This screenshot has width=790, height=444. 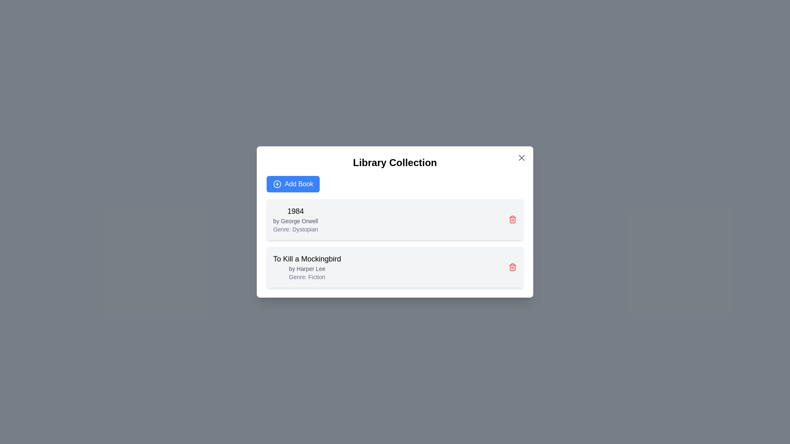 I want to click on the button located at the top-left corner of the modal beneath the title 'Library Collection' to activate hover effects, so click(x=293, y=183).